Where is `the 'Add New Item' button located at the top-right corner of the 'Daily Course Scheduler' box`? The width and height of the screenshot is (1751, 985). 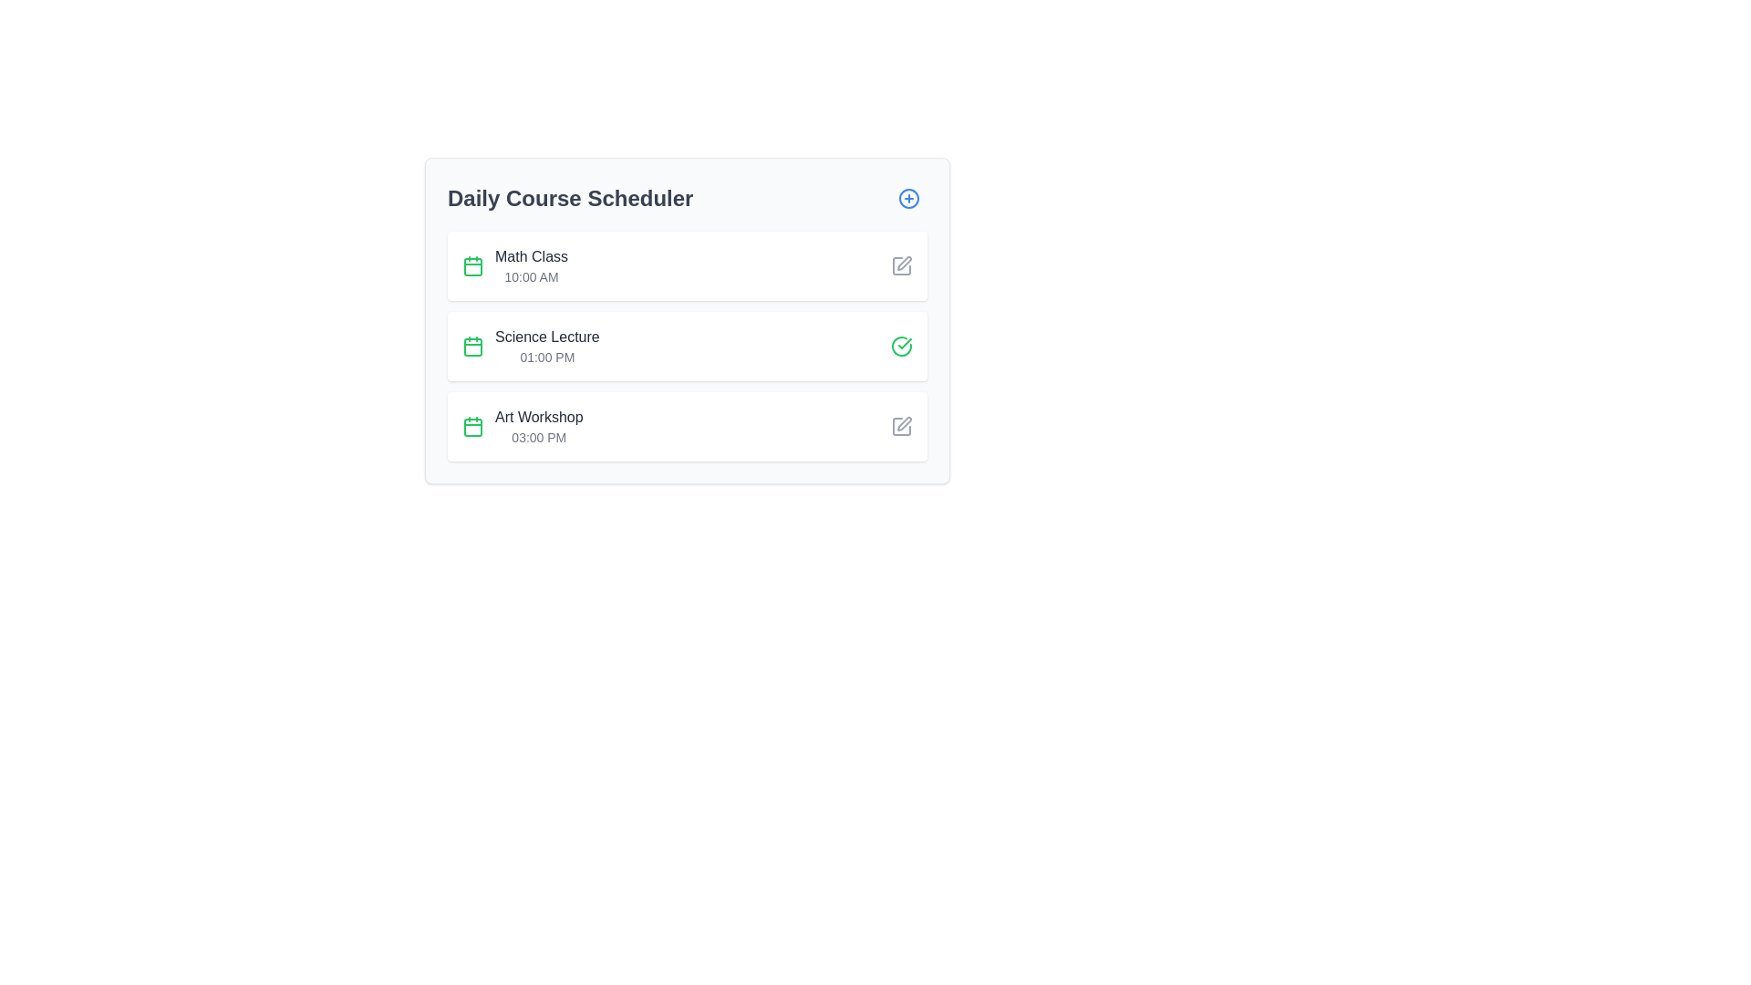
the 'Add New Item' button located at the top-right corner of the 'Daily Course Scheduler' box is located at coordinates (909, 199).